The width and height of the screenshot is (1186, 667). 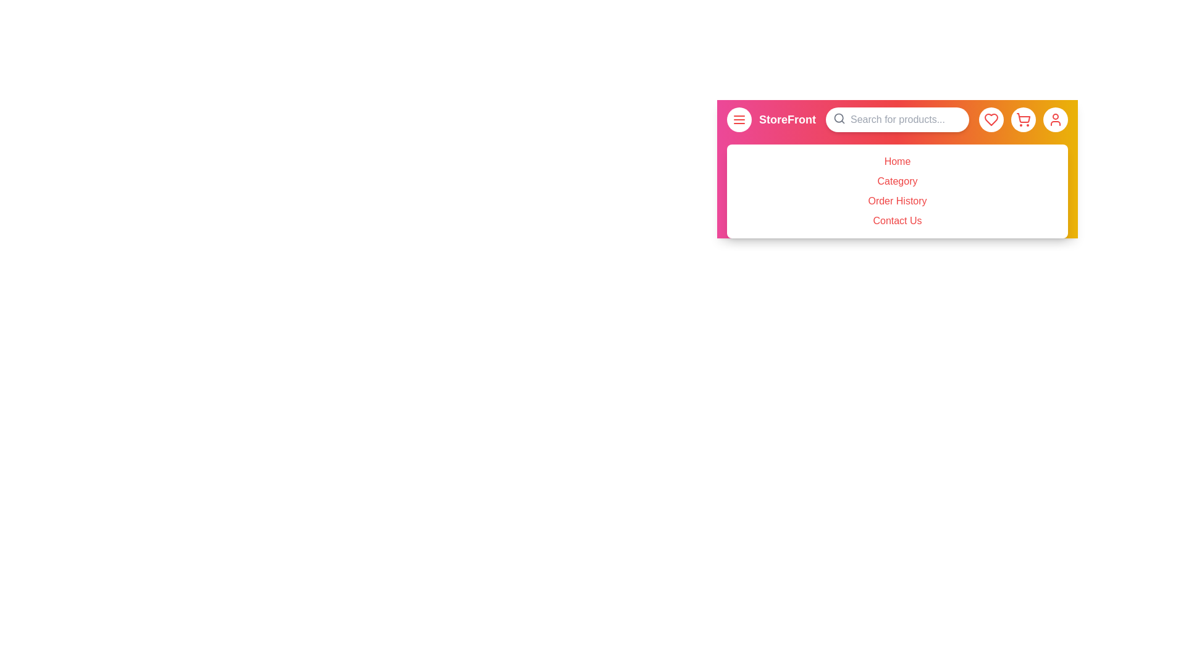 What do you see at coordinates (898, 161) in the screenshot?
I see `the menu item Home from the side menu` at bounding box center [898, 161].